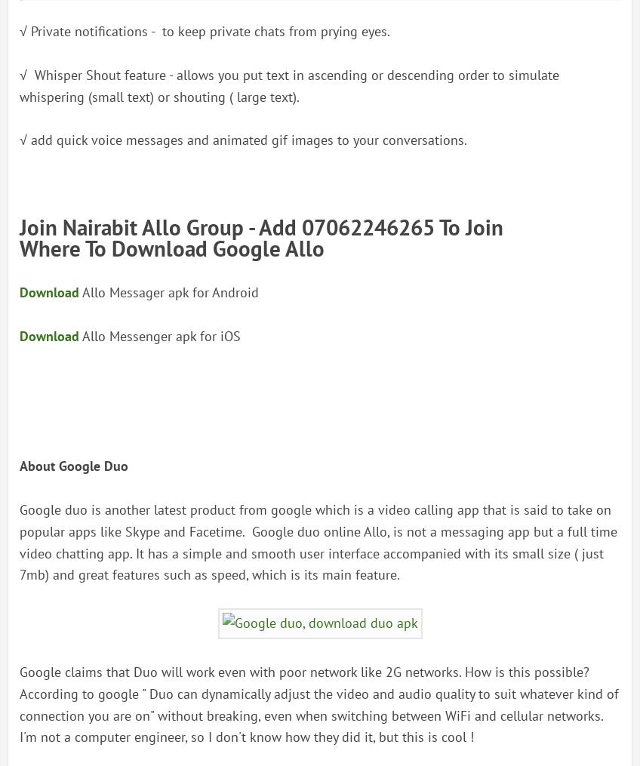 This screenshot has height=766, width=640. I want to click on 'Google', so click(81, 465).